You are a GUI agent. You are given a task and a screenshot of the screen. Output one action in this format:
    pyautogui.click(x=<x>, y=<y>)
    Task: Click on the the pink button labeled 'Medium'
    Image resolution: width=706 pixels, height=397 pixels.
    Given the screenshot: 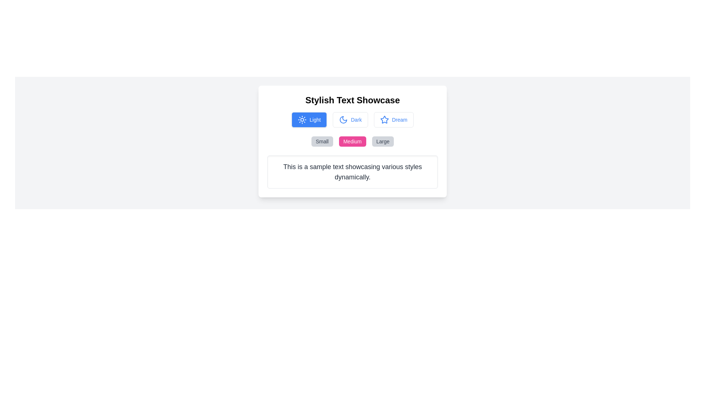 What is the action you would take?
    pyautogui.click(x=352, y=142)
    